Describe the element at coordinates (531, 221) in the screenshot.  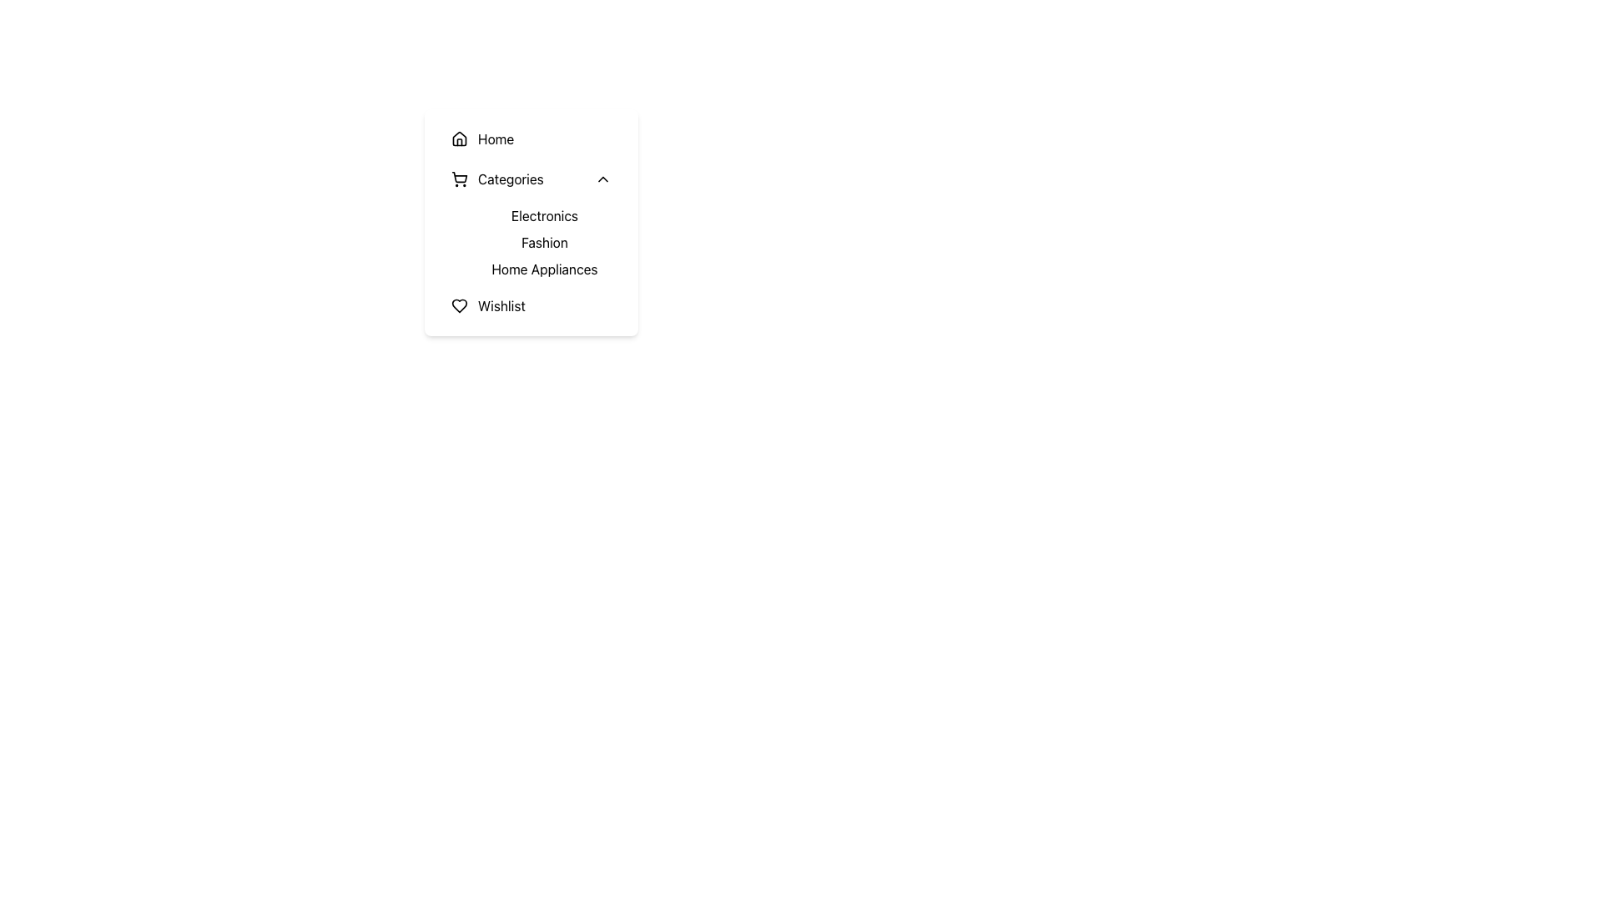
I see `the 'Electronics' link, which is the first option under the 'Categories' heading` at that location.